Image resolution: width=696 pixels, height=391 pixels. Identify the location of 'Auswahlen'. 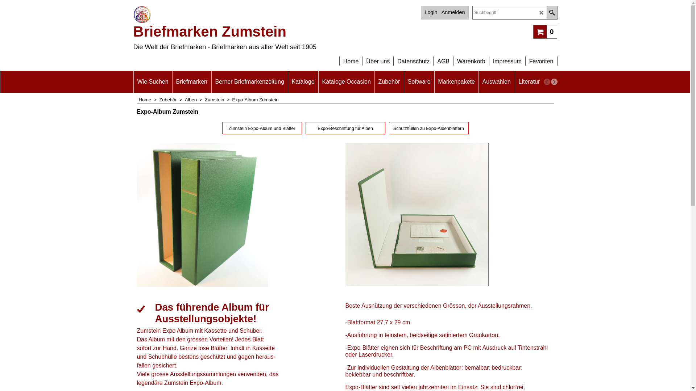
(496, 81).